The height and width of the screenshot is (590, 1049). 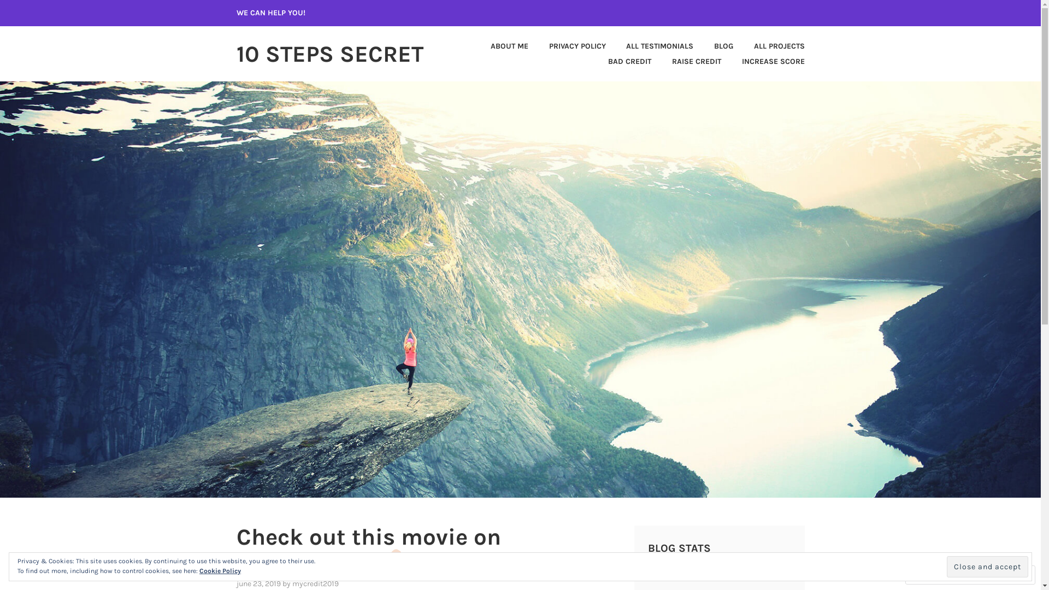 What do you see at coordinates (257, 583) in the screenshot?
I see `'june 23, 2019'` at bounding box center [257, 583].